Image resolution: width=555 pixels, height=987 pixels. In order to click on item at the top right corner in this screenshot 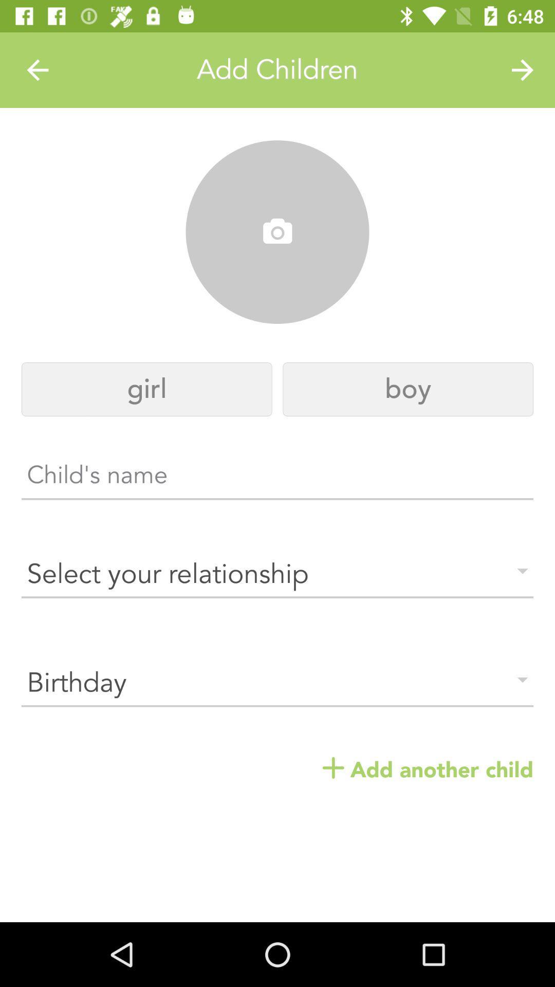, I will do `click(523, 69)`.